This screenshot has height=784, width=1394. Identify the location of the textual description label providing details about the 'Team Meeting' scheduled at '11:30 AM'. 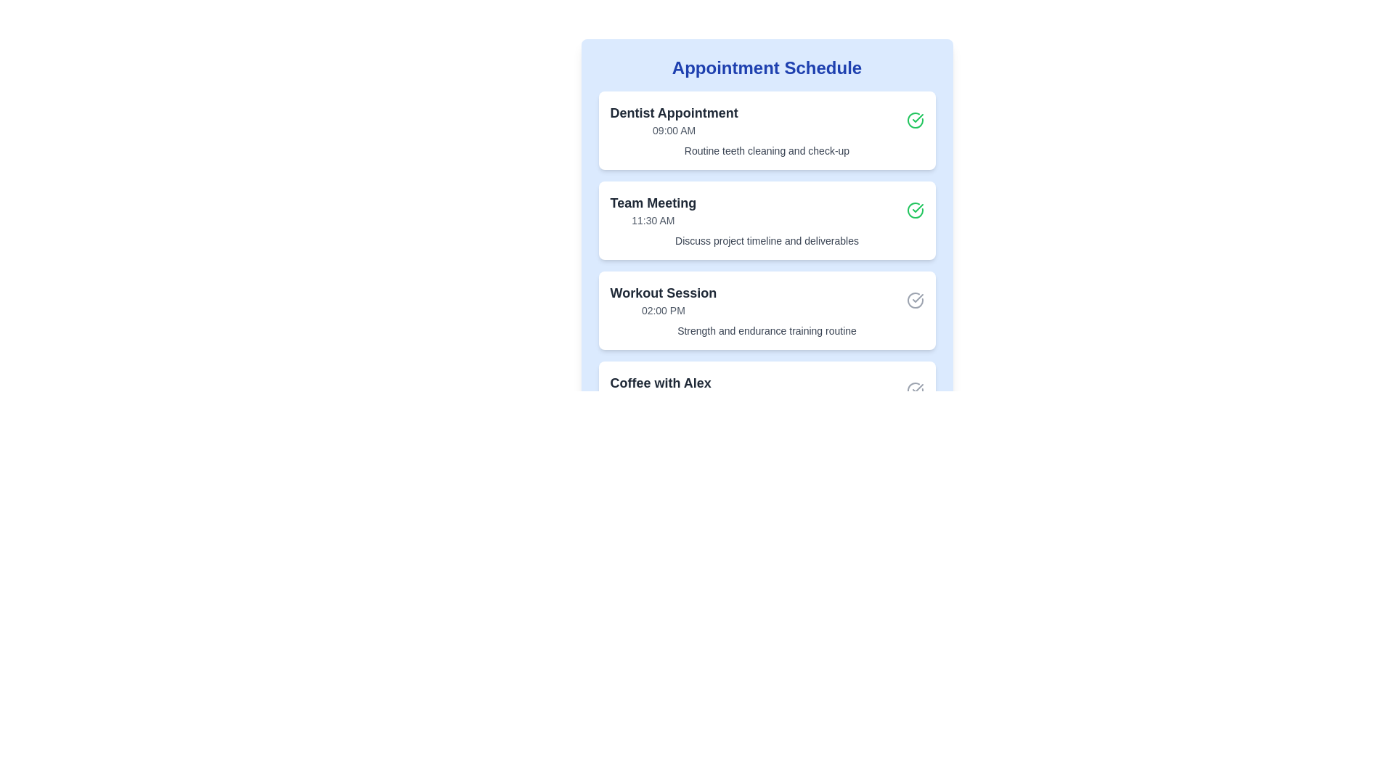
(766, 240).